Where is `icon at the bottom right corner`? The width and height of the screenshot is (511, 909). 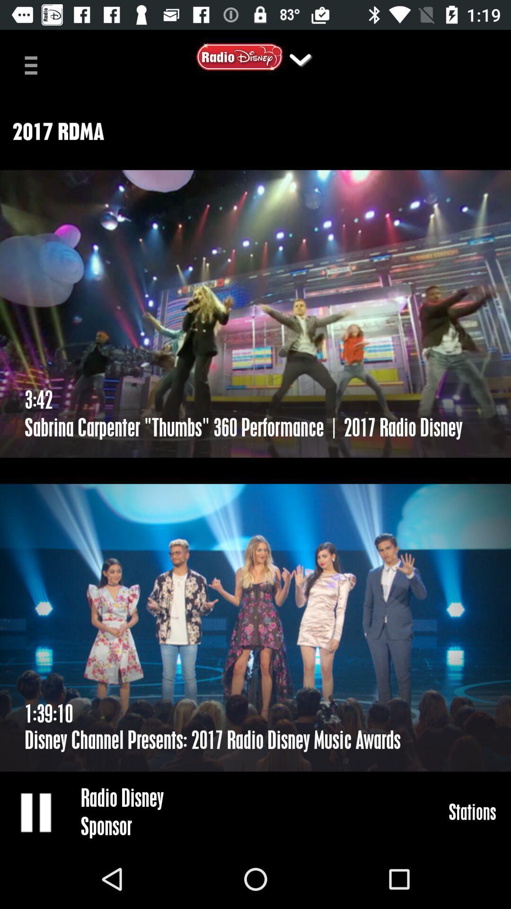
icon at the bottom right corner is located at coordinates (472, 811).